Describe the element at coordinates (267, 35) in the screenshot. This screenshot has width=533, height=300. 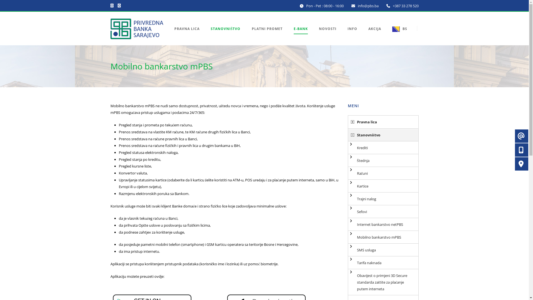
I see `'PLATNI PROMET'` at that location.